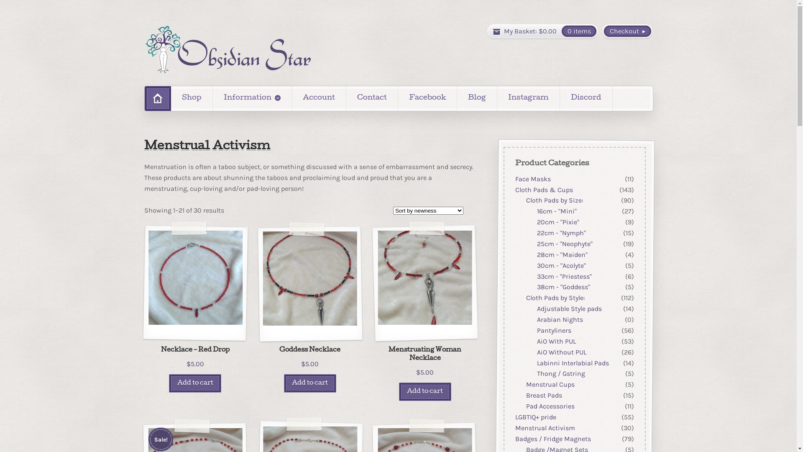 This screenshot has width=803, height=452. I want to click on '25cm - "Neophyte"', so click(564, 244).